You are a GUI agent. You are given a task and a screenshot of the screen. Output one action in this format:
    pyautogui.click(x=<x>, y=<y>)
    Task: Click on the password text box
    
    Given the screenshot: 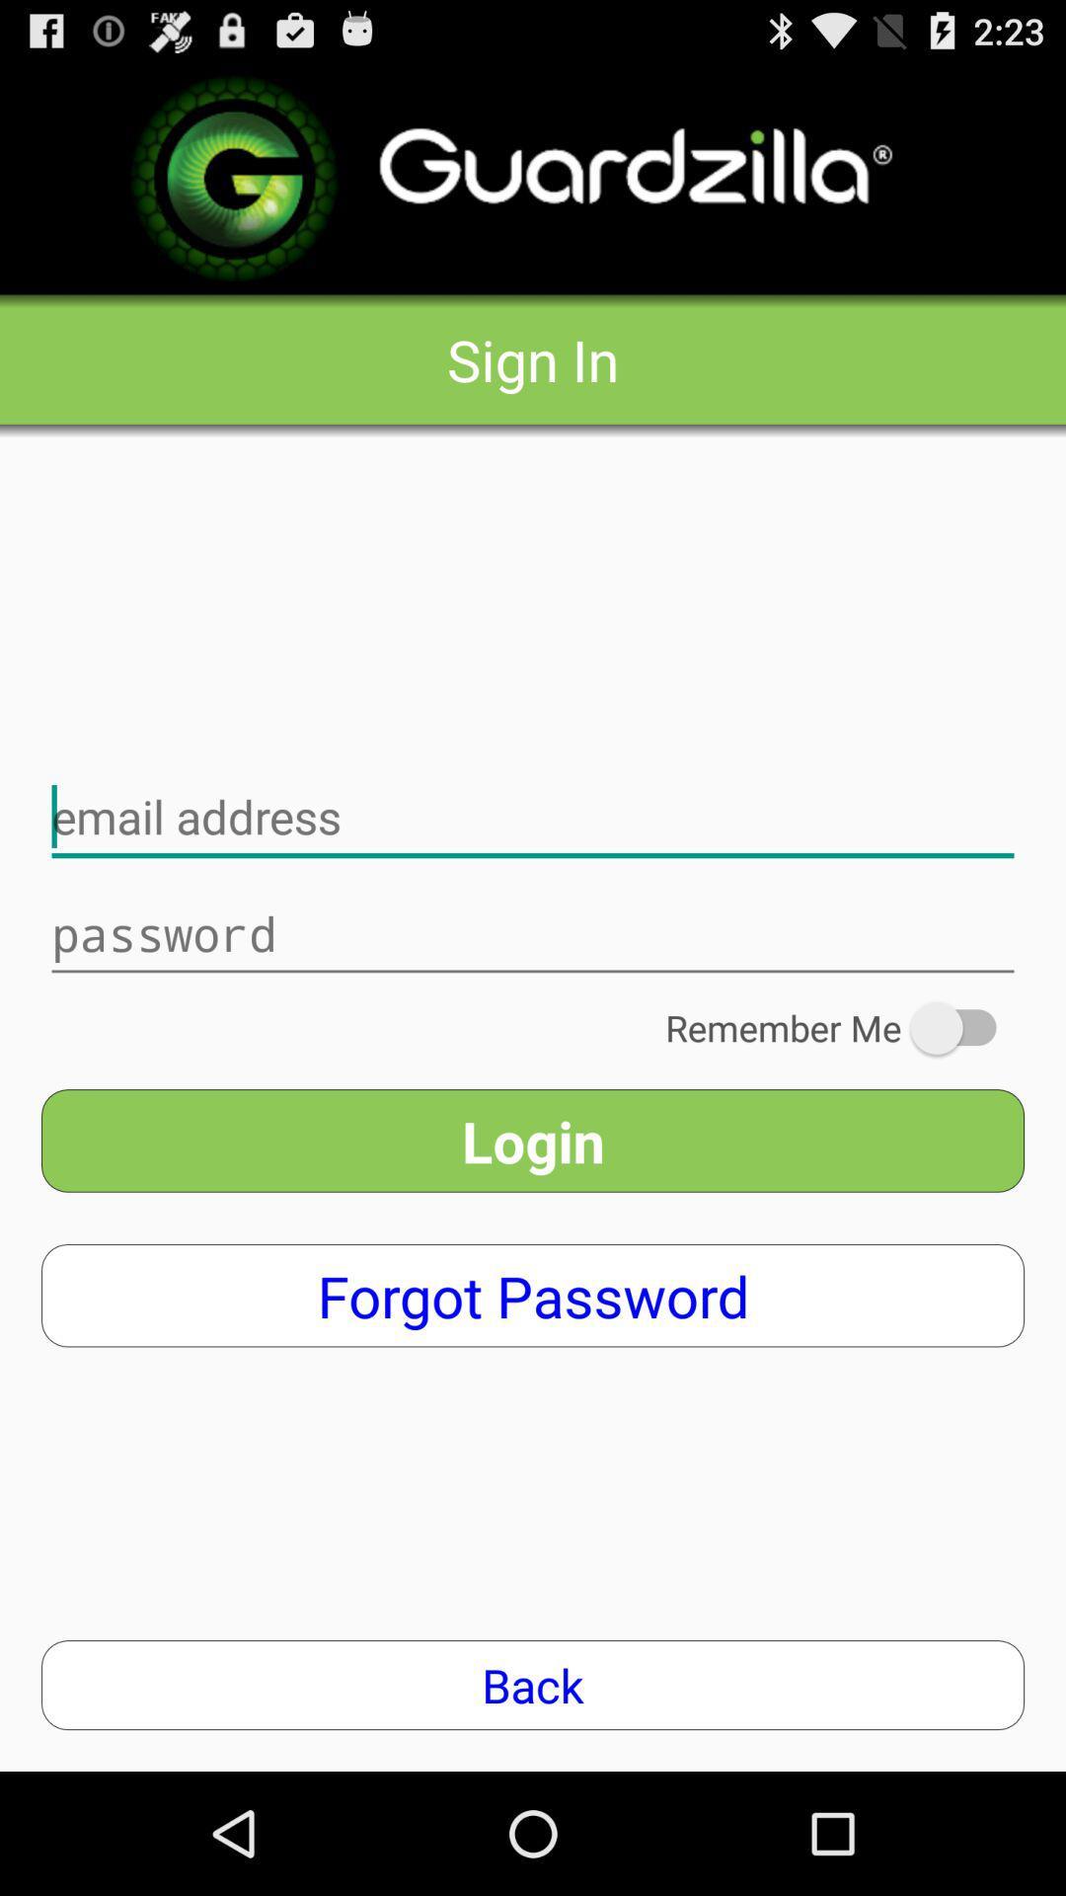 What is the action you would take?
    pyautogui.click(x=533, y=933)
    